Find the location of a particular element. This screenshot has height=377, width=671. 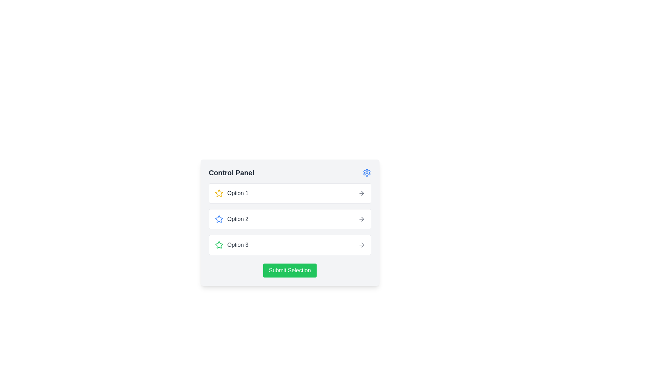

'Option 3' text label with the green star icon for information is located at coordinates (231, 245).